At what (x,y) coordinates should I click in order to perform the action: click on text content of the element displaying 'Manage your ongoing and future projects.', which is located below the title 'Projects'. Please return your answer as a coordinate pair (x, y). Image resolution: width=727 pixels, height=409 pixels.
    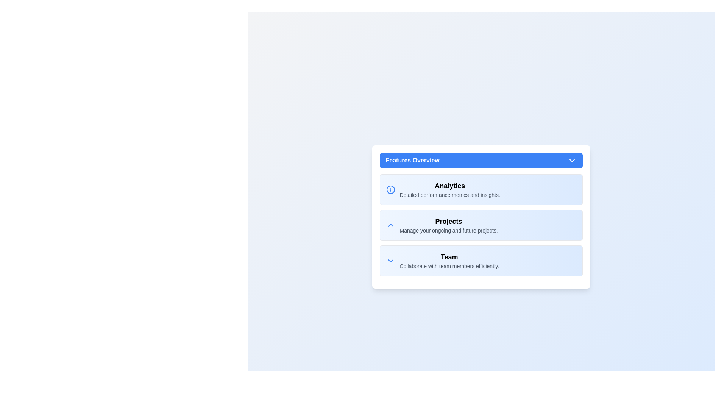
    Looking at the image, I should click on (449, 230).